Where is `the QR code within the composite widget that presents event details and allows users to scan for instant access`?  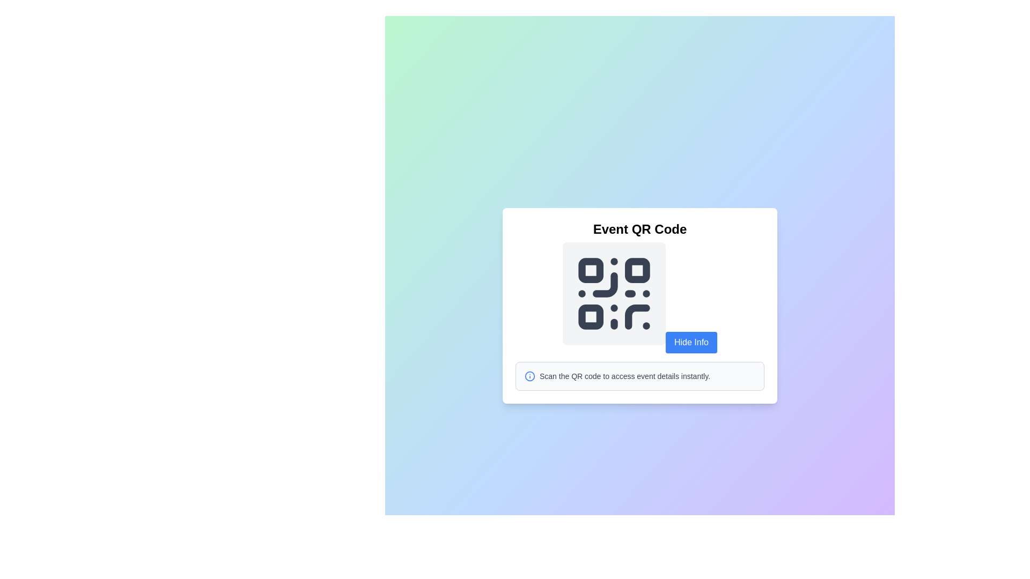 the QR code within the composite widget that presents event details and allows users to scan for instant access is located at coordinates (640, 306).